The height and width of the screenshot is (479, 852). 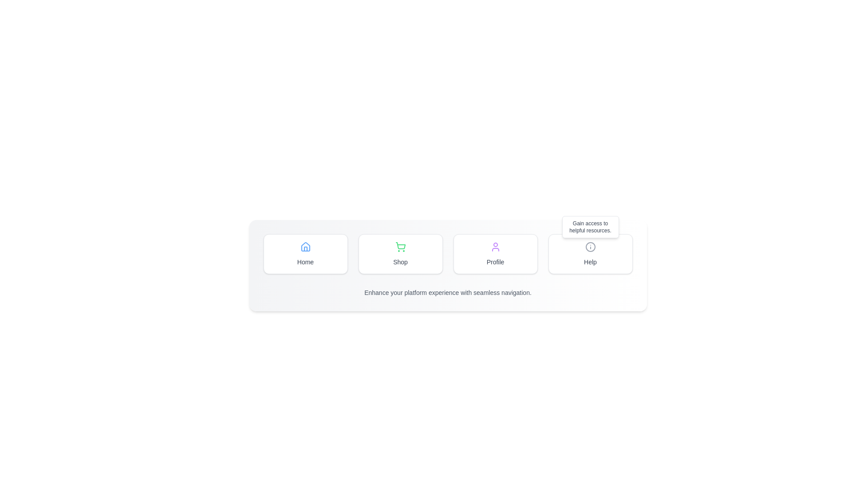 I want to click on the 'Home' icon, which is a blue outlined house structure located at the top-center of its button-like segment, so click(x=305, y=247).